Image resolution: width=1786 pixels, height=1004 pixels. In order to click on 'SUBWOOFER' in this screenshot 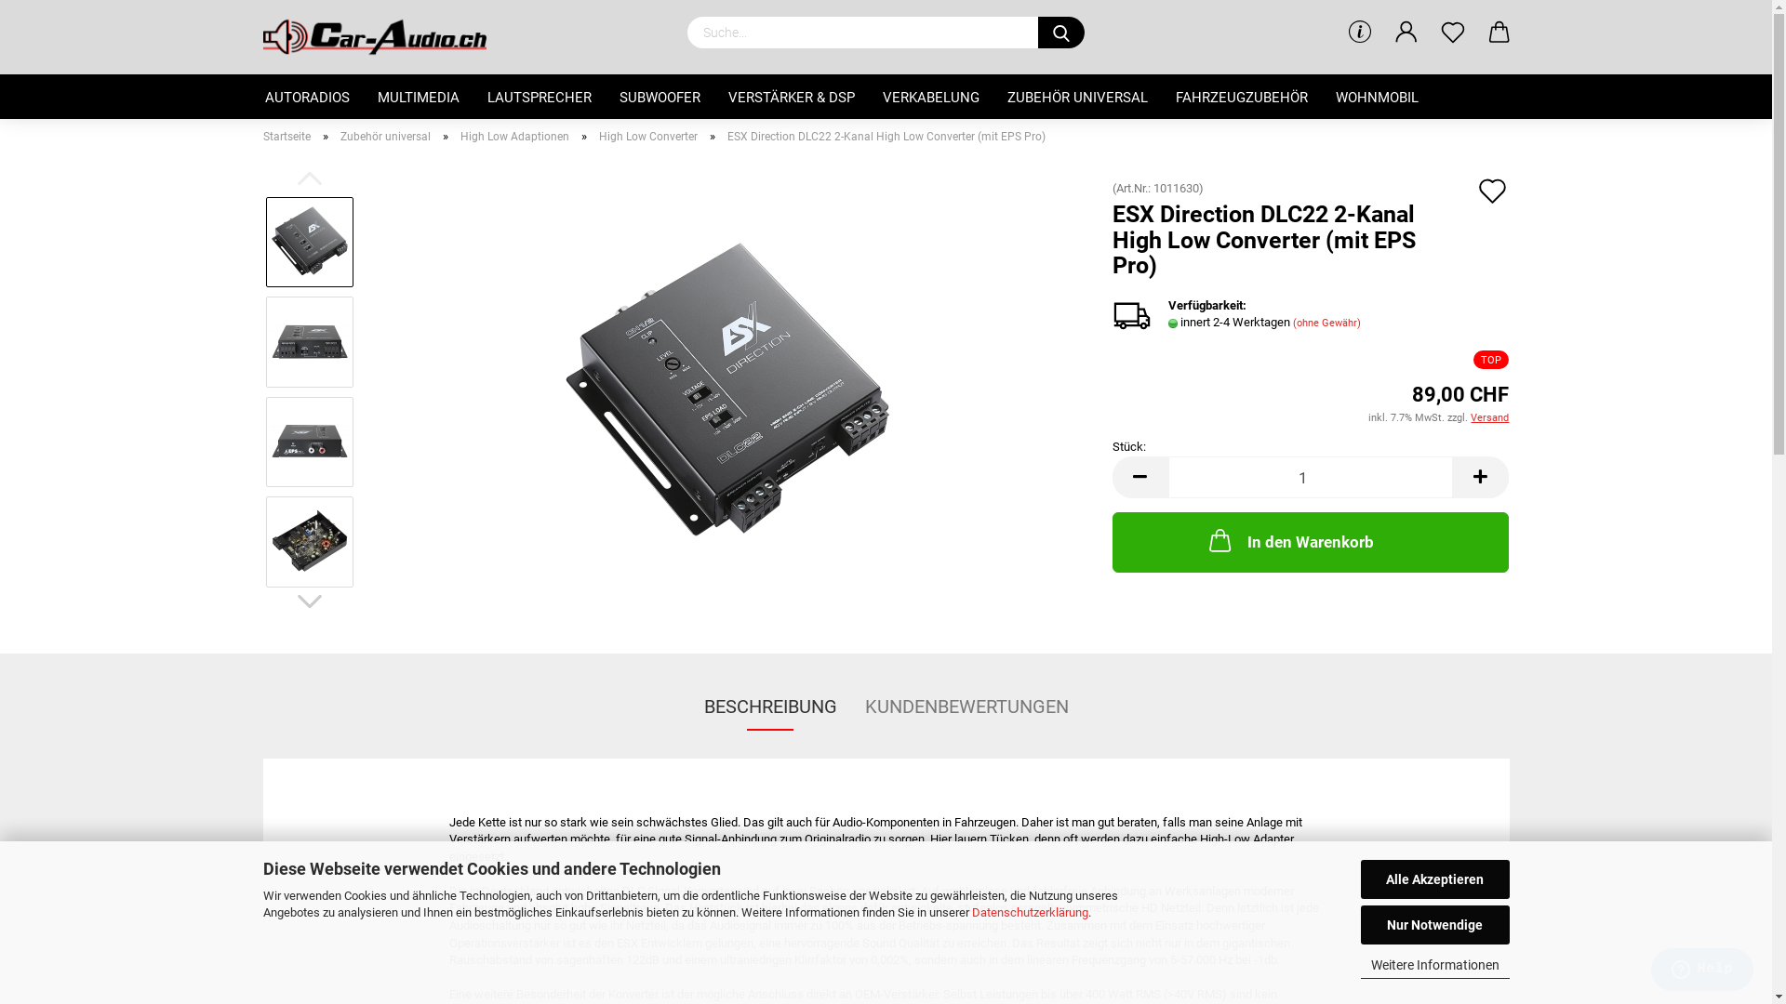, I will do `click(604, 97)`.